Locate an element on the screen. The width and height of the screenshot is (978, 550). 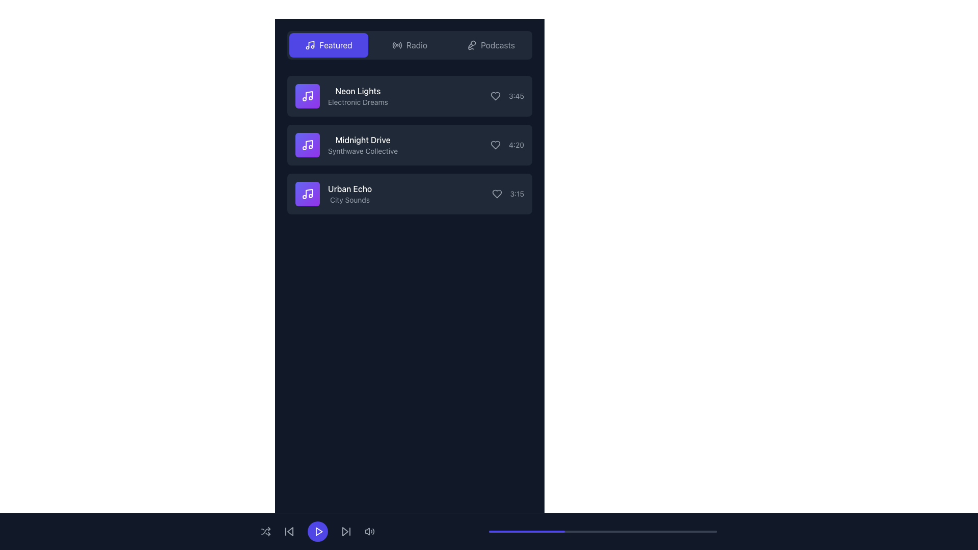
the small heart icon button to like the song 'Midnight Drive', which is located next to the song's duration in the song list interface is located at coordinates (496, 145).